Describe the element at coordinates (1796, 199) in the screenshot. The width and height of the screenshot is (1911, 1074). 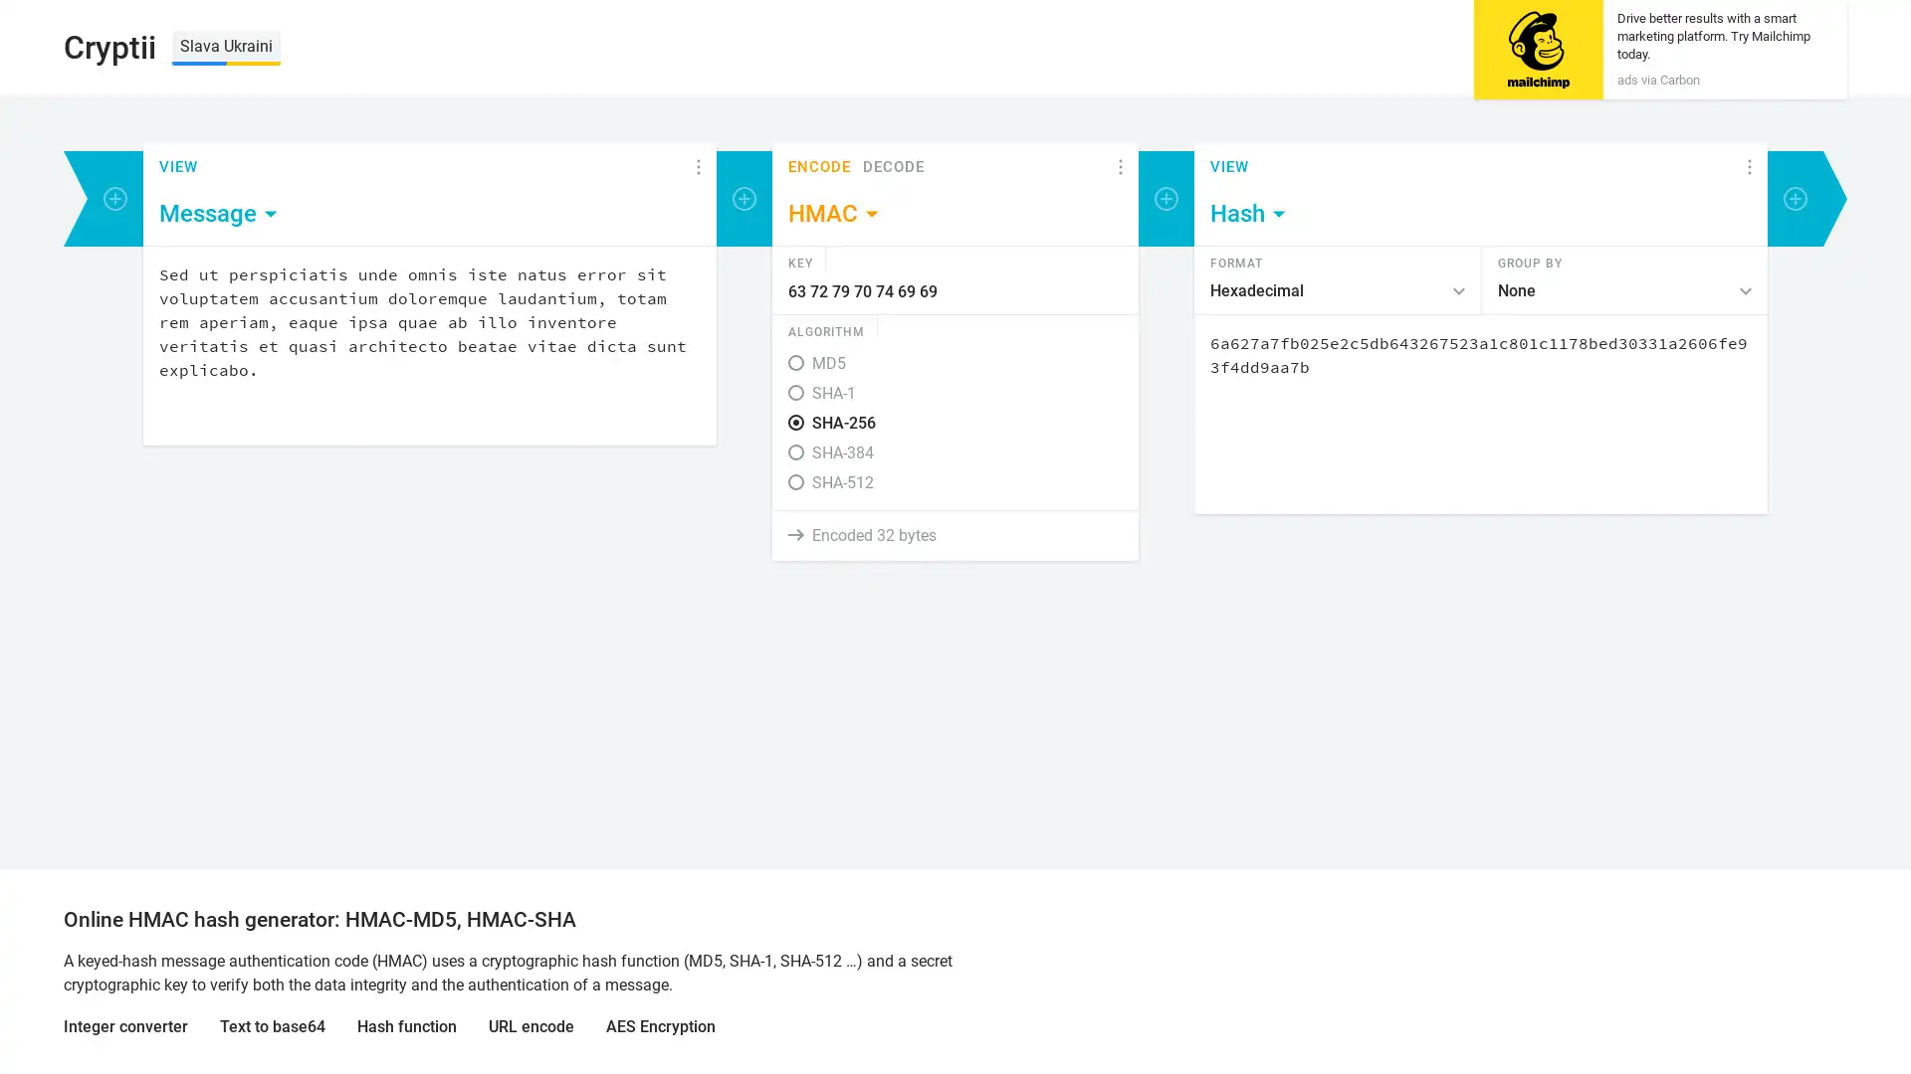
I see `Add encoder or viewer` at that location.